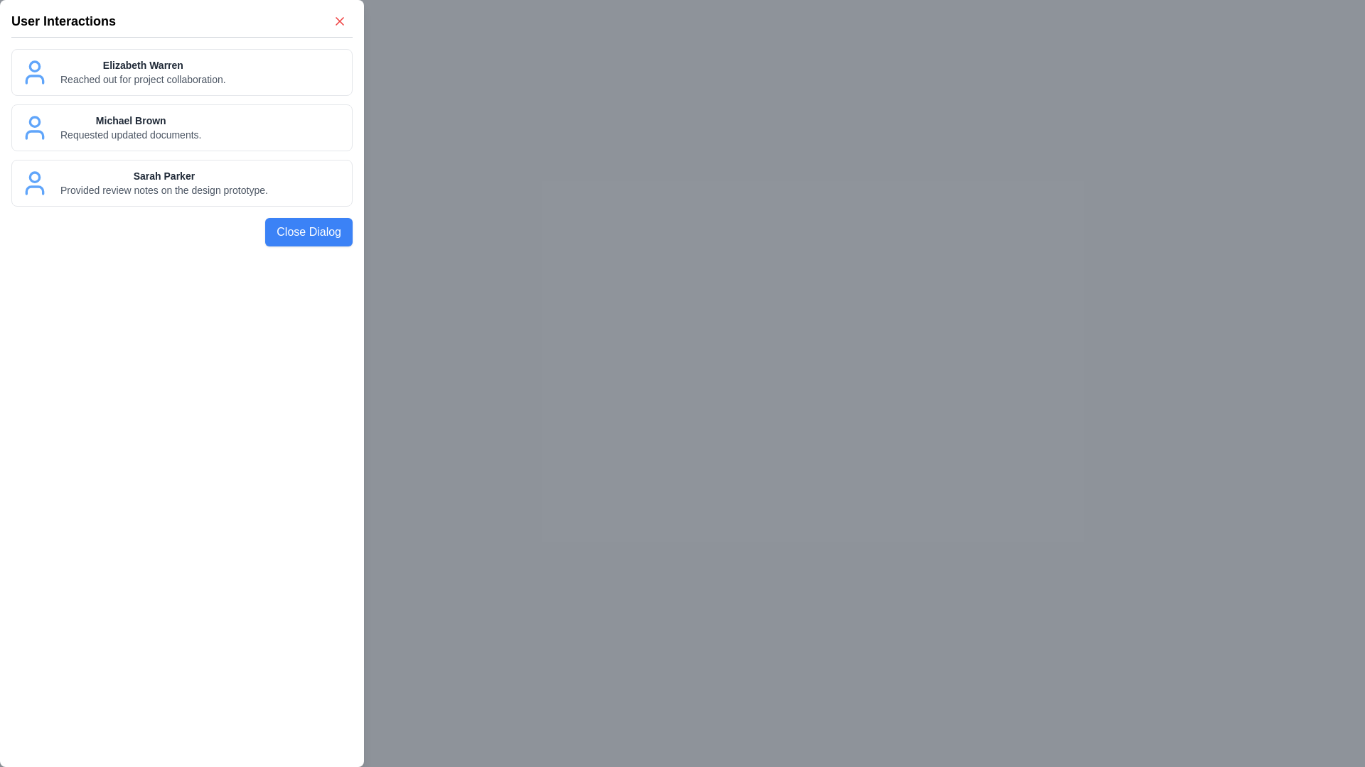 Image resolution: width=1365 pixels, height=767 pixels. Describe the element at coordinates (181, 183) in the screenshot. I see `the user interaction corresponding to Sarah Parker` at that location.